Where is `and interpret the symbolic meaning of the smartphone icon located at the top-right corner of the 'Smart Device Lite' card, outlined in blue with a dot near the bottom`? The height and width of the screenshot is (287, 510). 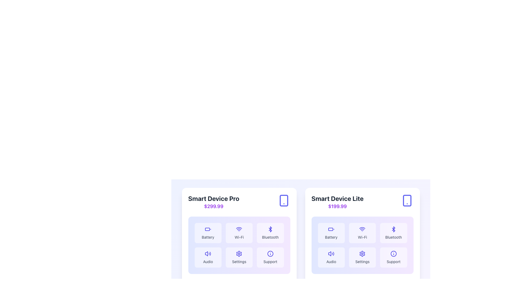
and interpret the symbolic meaning of the smartphone icon located at the top-right corner of the 'Smart Device Lite' card, outlined in blue with a dot near the bottom is located at coordinates (407, 201).